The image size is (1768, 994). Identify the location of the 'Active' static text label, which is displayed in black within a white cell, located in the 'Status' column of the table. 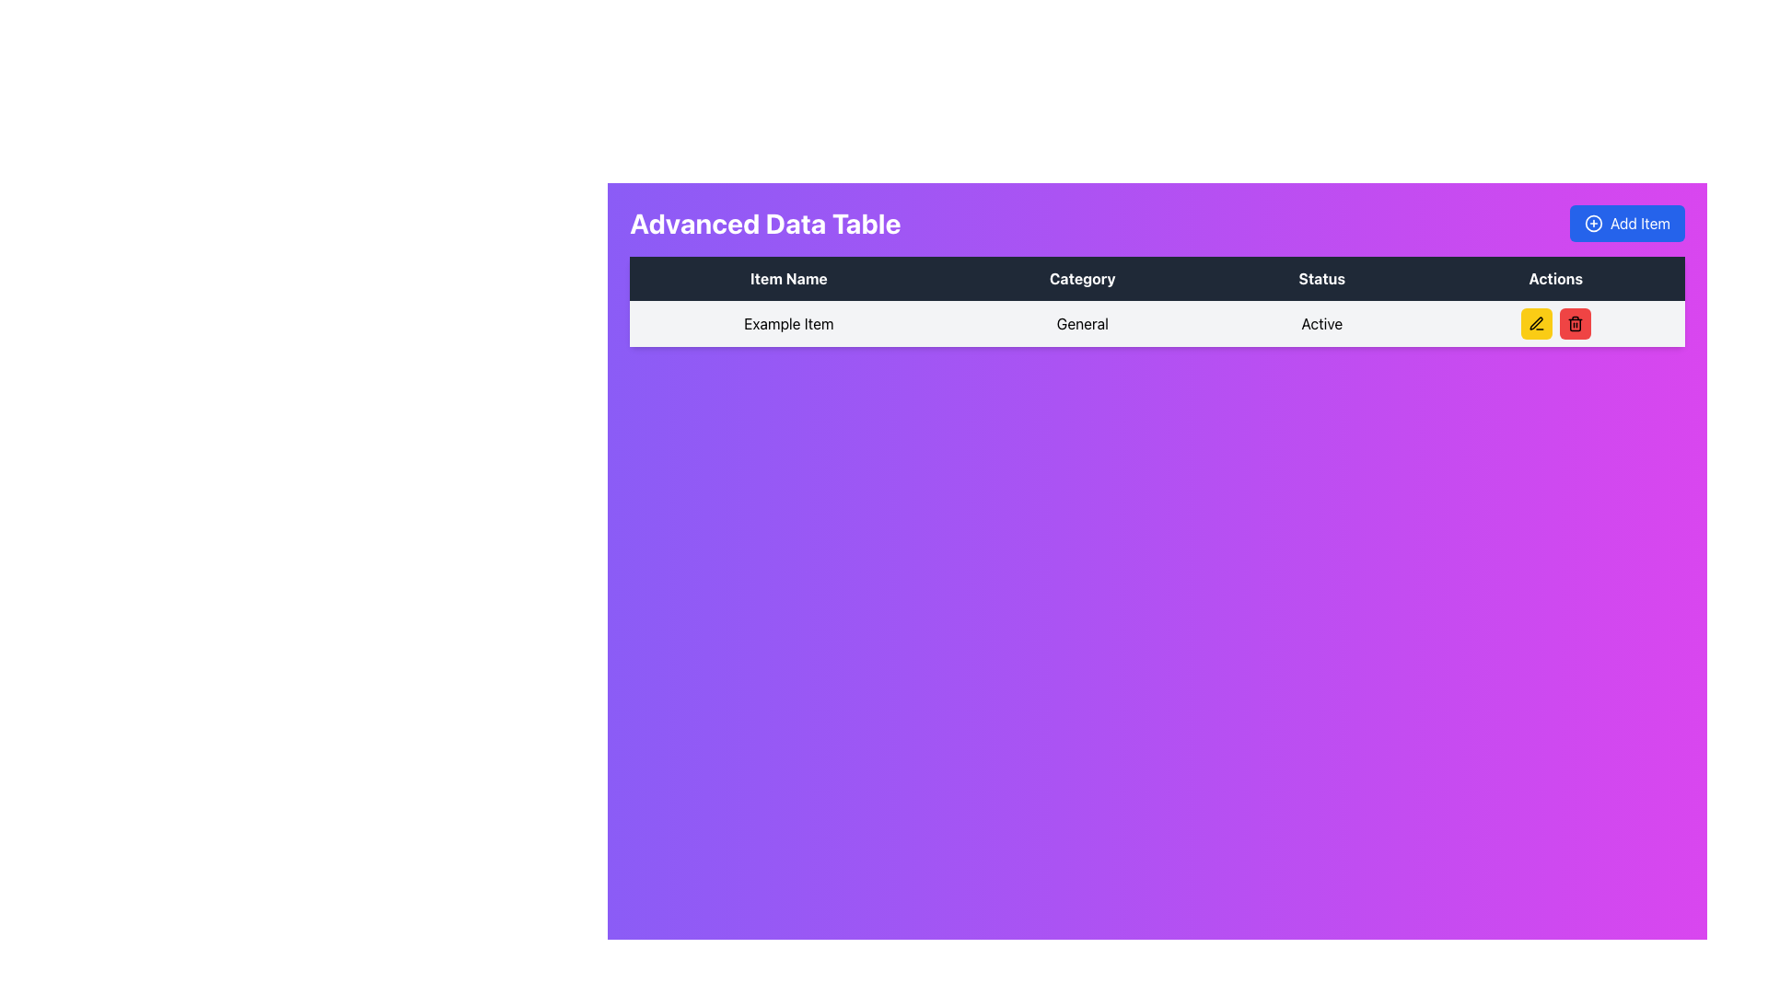
(1320, 322).